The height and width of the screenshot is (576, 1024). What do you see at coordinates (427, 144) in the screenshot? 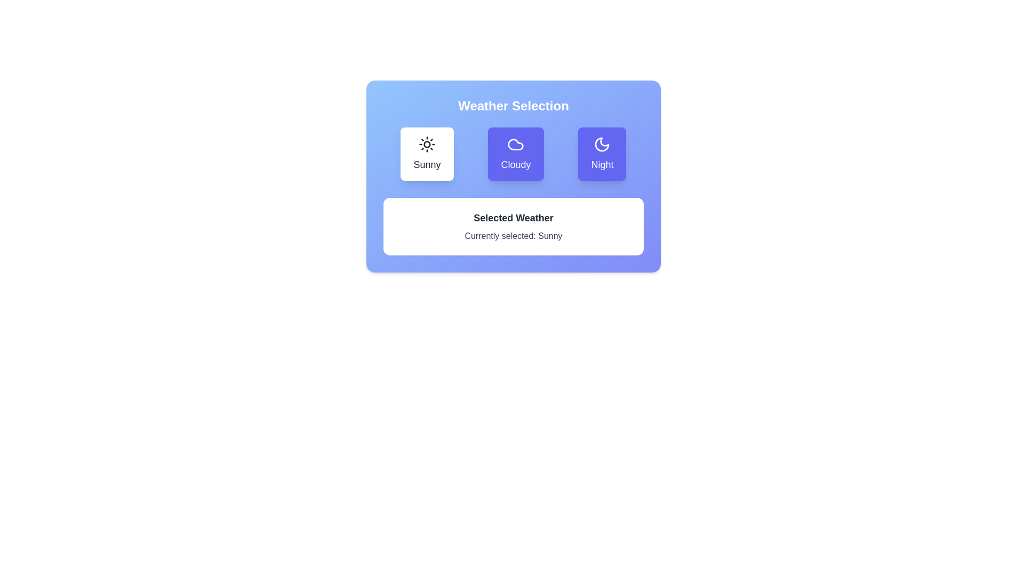
I see `the central circle of the sun icon, which is part of the 'Sunny' weather option card located at the top of the UI panel` at bounding box center [427, 144].